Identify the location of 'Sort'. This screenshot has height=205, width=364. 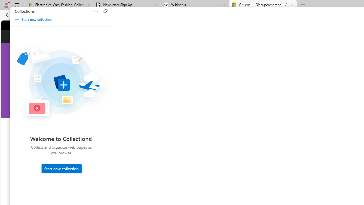
(96, 11).